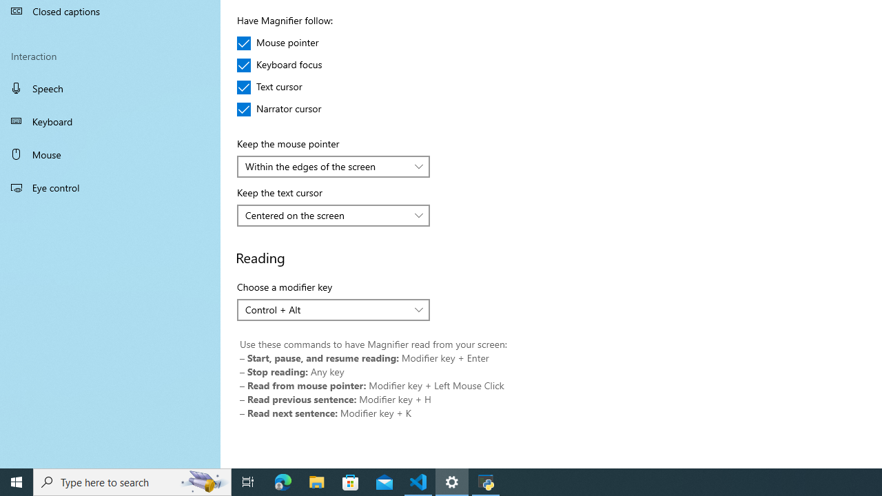 Image resolution: width=882 pixels, height=496 pixels. What do you see at coordinates (452, 481) in the screenshot?
I see `'Settings - 1 running window'` at bounding box center [452, 481].